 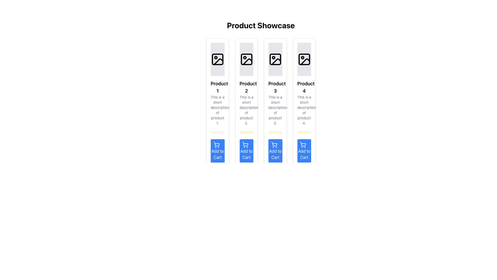 What do you see at coordinates (217, 59) in the screenshot?
I see `the small square with rounded corners styled with a border, located within the first product's image slot in the product showcase grid for 'Product 1'` at bounding box center [217, 59].